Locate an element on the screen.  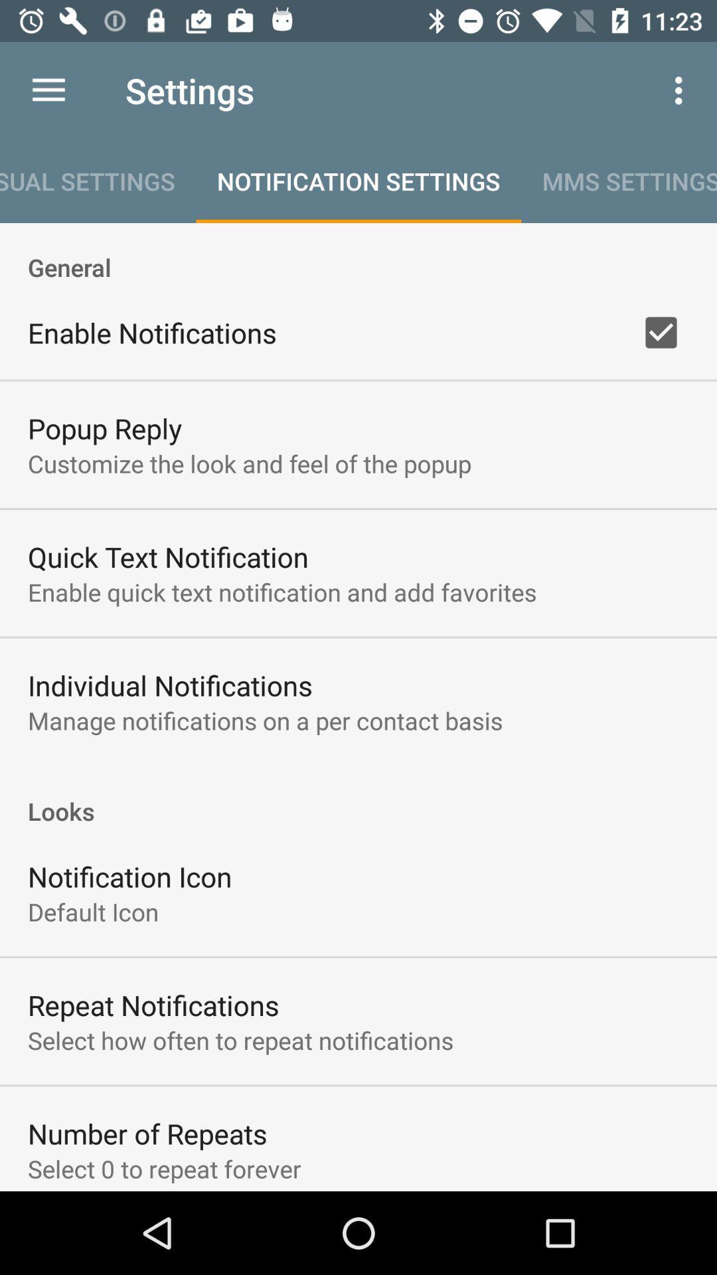
the item above repeat notifications item is located at coordinates (92, 911).